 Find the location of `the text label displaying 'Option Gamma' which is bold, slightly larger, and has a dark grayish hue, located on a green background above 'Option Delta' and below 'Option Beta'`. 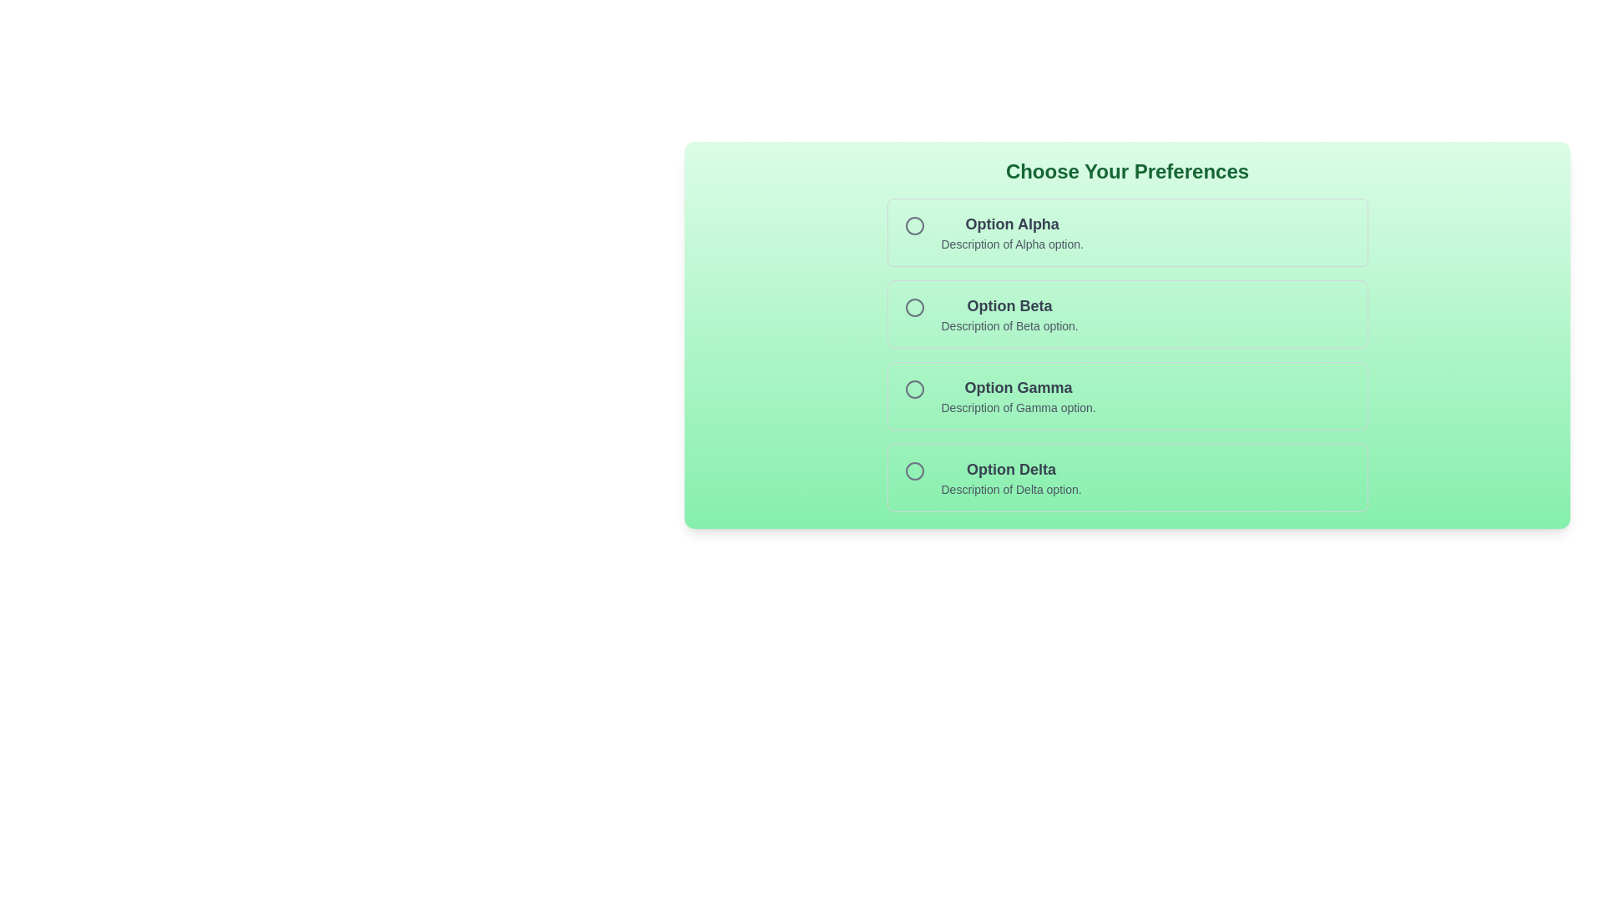

the text label displaying 'Option Gamma' which is bold, slightly larger, and has a dark grayish hue, located on a green background above 'Option Delta' and below 'Option Beta' is located at coordinates (1018, 388).